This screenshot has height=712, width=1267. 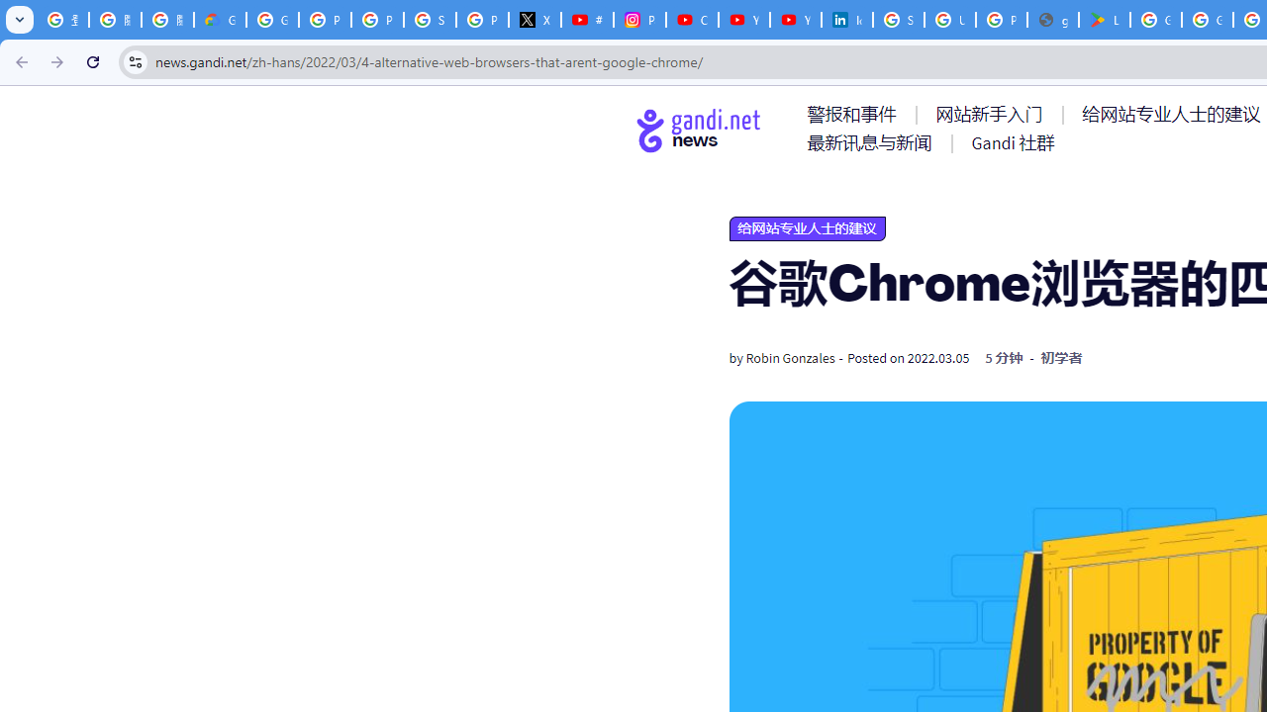 What do you see at coordinates (535, 20) in the screenshot?
I see `'X'` at bounding box center [535, 20].